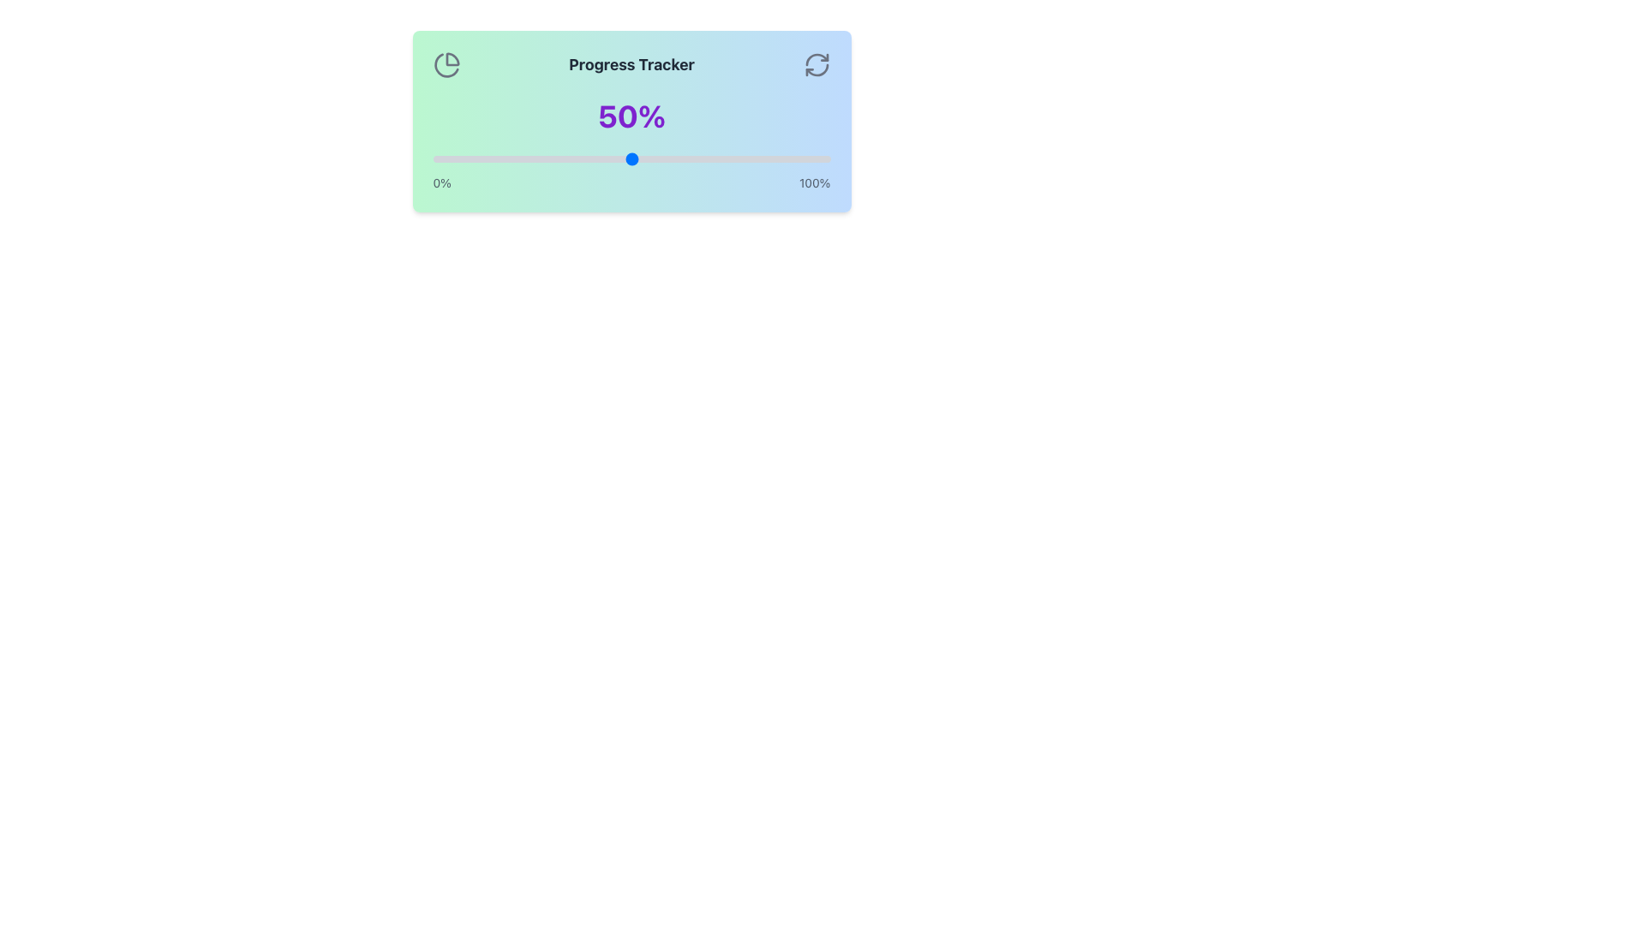 The image size is (1645, 925). I want to click on the text label positioned at the top section of the UI, which provides context for the progress indicator and controls, located between the pie chart icon and the refresh icon, so click(631, 64).